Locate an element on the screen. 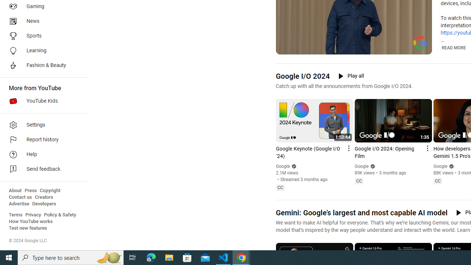 The image size is (471, 265). 'Seek slider' is located at coordinates (354, 40).